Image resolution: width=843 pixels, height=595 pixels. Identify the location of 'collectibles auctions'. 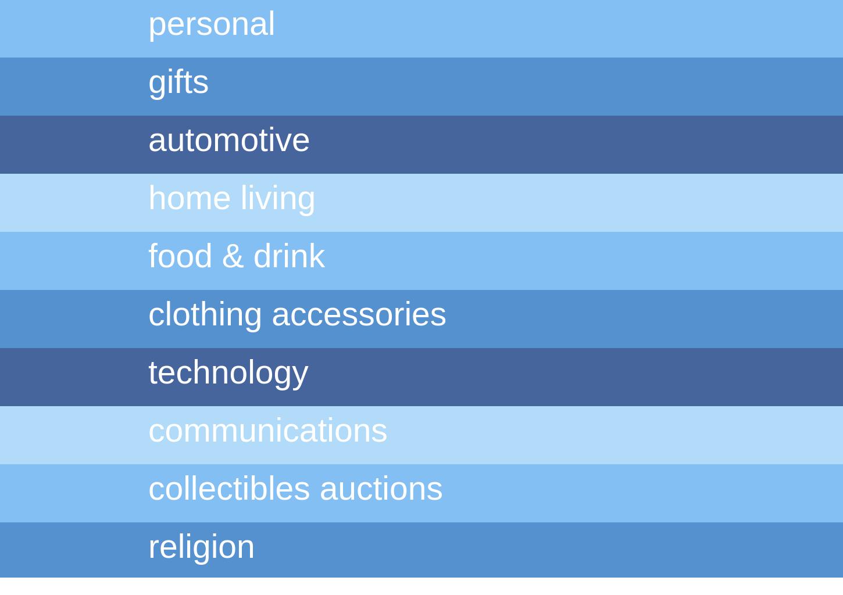
(148, 487).